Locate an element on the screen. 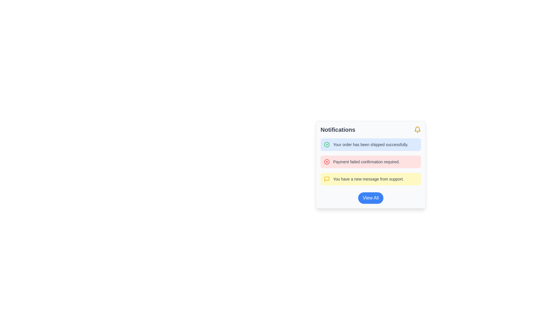 The image size is (551, 310). the Decorative Circular Shape which has a red stroke indicating a payment failure within the notification list is located at coordinates (327, 162).